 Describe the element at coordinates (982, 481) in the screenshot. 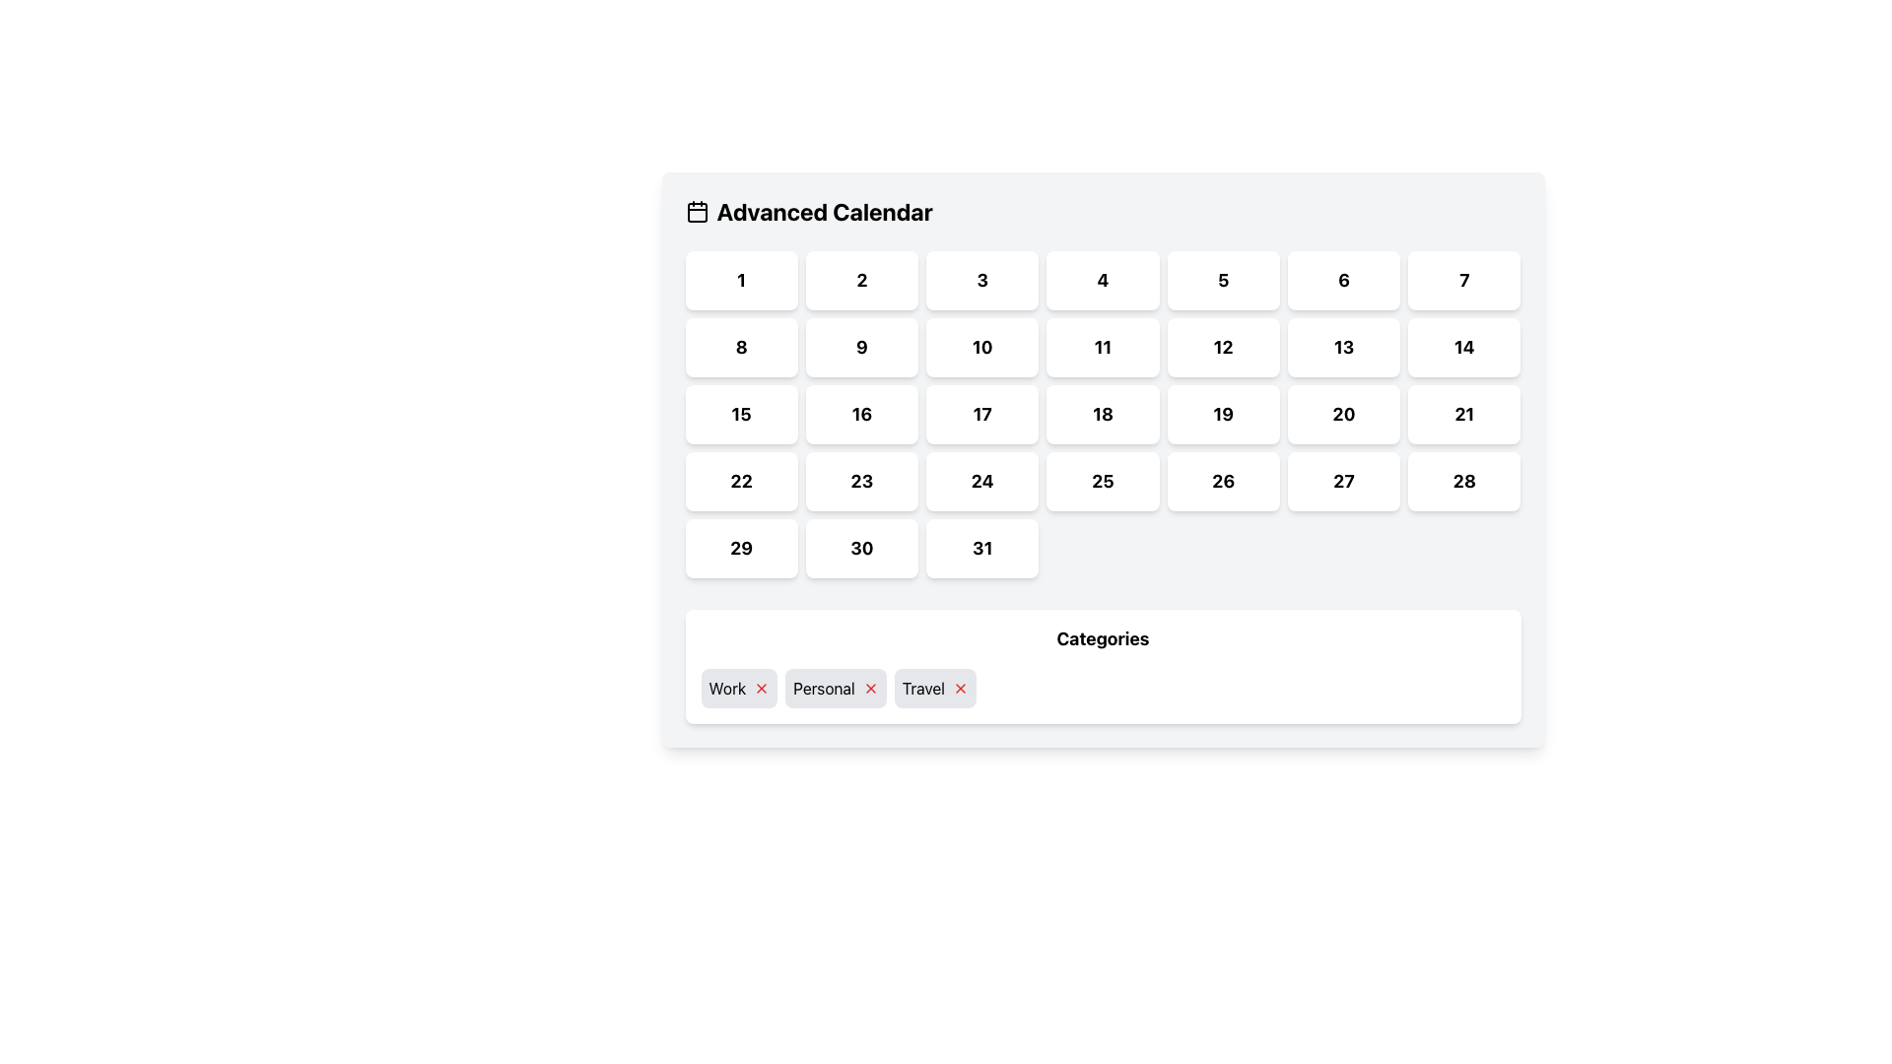

I see `text element displaying the number '24' in bold font, located in the fourth row and fourth column of the 'Advanced Calendar' grid` at that location.